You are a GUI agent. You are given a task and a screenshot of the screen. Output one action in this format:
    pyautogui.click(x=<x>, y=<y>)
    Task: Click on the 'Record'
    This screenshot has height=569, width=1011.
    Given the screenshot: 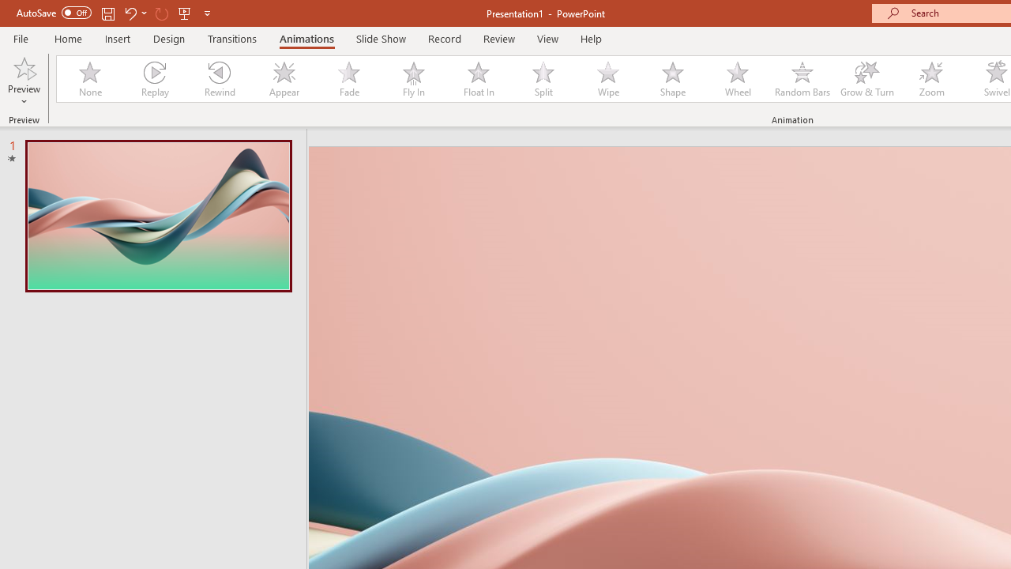 What is the action you would take?
    pyautogui.click(x=443, y=38)
    